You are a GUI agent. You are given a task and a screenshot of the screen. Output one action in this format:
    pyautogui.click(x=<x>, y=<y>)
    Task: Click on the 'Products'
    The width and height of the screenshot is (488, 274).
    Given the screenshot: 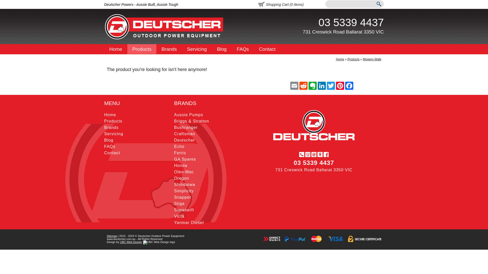 What is the action you would take?
    pyautogui.click(x=353, y=59)
    